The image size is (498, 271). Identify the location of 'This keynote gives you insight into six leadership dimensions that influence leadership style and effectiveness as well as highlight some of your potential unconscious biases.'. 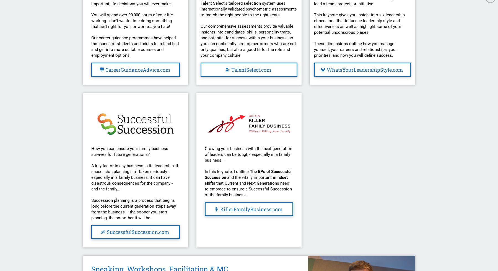
(313, 24).